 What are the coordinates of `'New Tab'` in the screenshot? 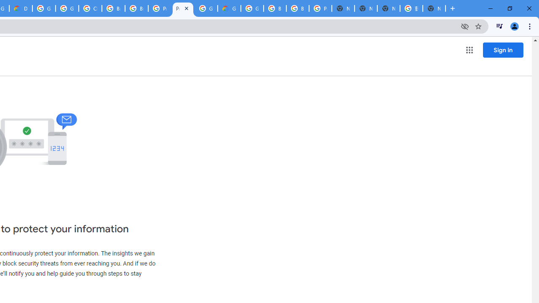 It's located at (434, 8).